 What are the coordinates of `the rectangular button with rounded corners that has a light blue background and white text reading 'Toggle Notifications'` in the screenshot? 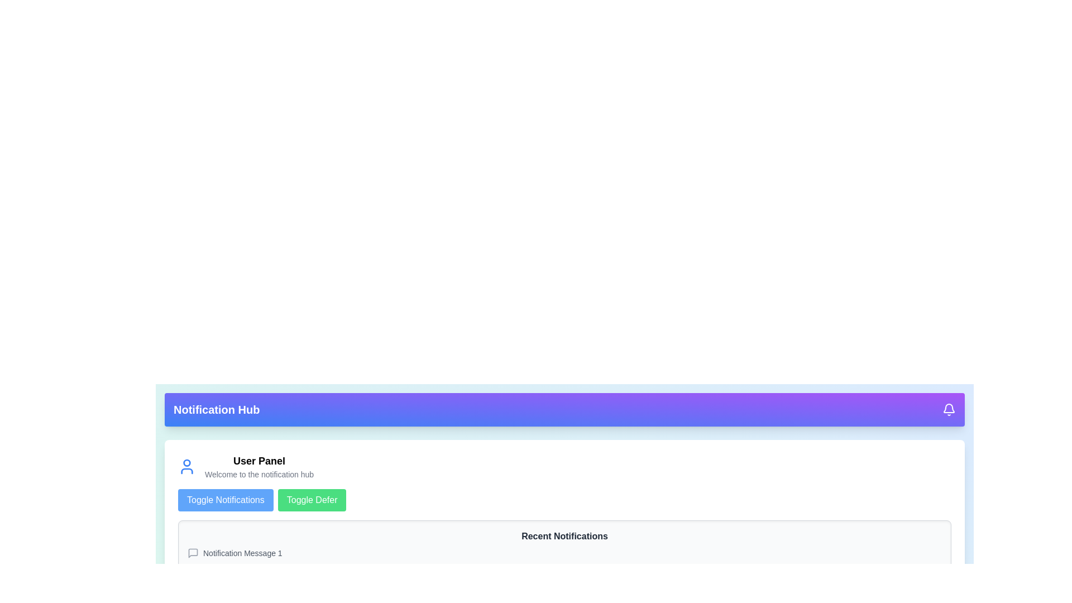 It's located at (225, 499).